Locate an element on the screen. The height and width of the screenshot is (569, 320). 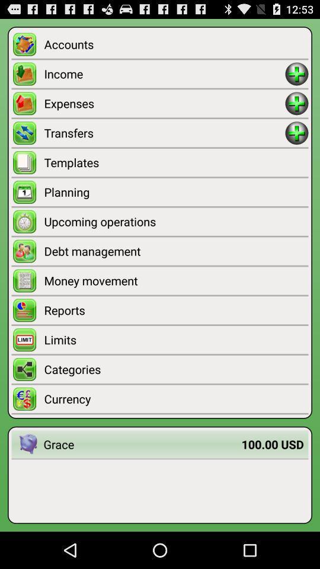
app below the currency item is located at coordinates (273, 443).